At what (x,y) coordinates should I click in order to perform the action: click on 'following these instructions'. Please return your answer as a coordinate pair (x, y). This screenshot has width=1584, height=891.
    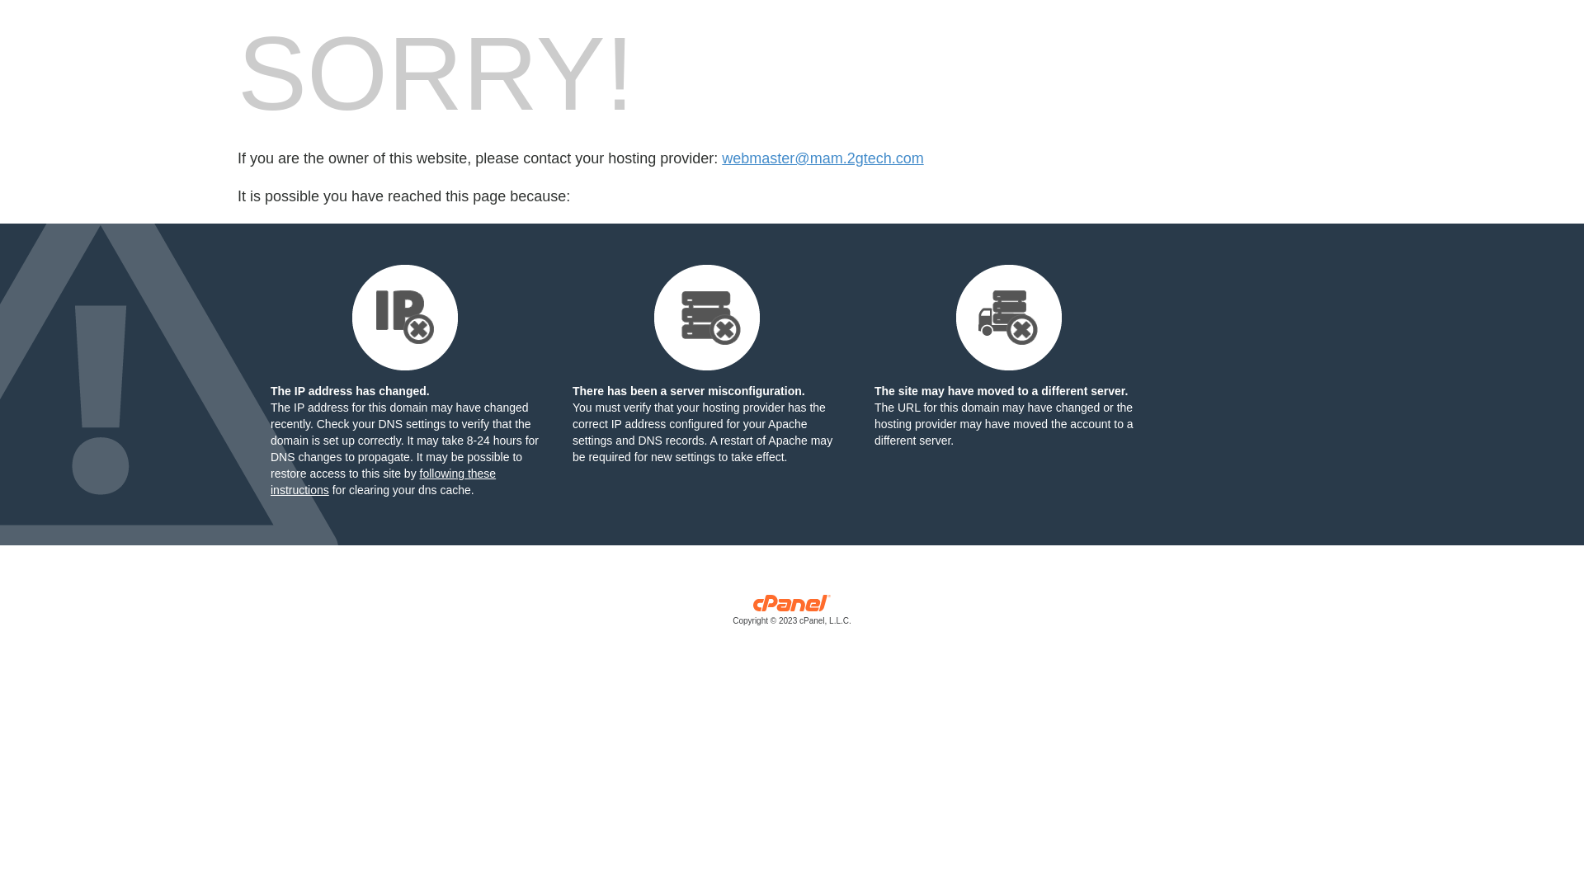
    Looking at the image, I should click on (382, 481).